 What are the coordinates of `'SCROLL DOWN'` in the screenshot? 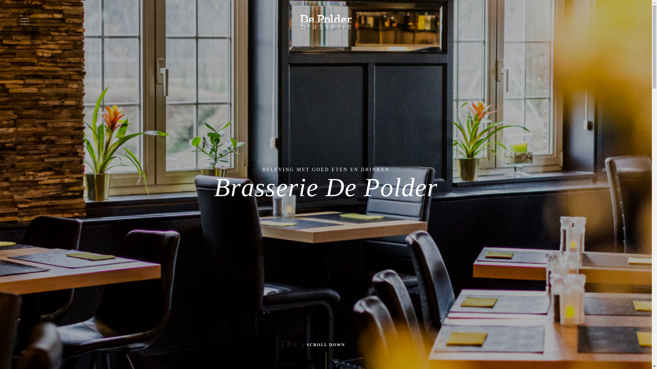 It's located at (325, 345).